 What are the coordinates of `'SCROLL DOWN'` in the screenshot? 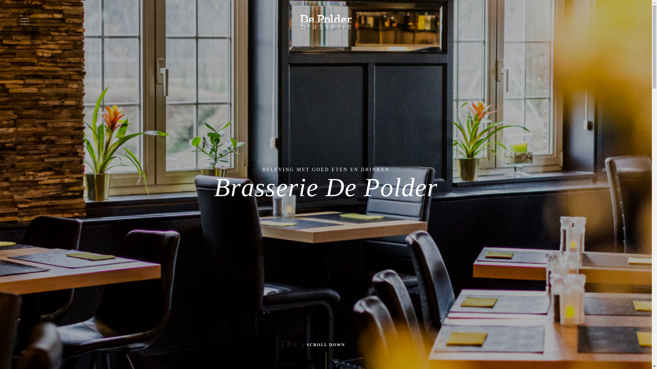 It's located at (325, 345).